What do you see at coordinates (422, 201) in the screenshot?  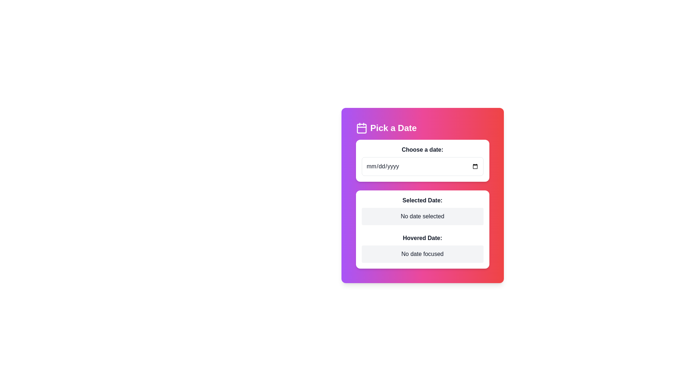 I see `the label that provides context for the currently selected date, positioned above the text 'No date selected' and after 'Choose a date:'` at bounding box center [422, 201].